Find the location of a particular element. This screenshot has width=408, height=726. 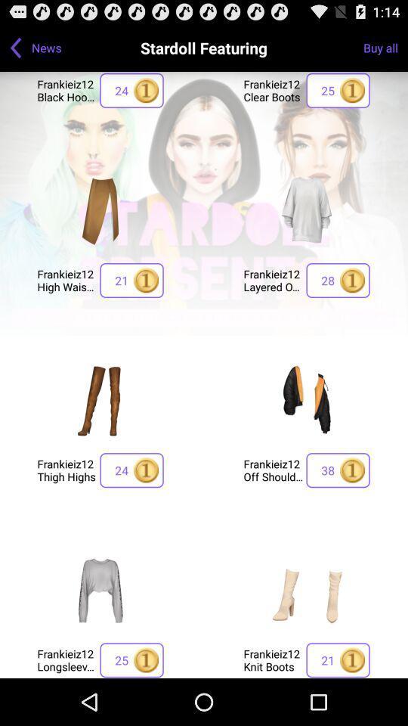

previous is located at coordinates (15, 47).